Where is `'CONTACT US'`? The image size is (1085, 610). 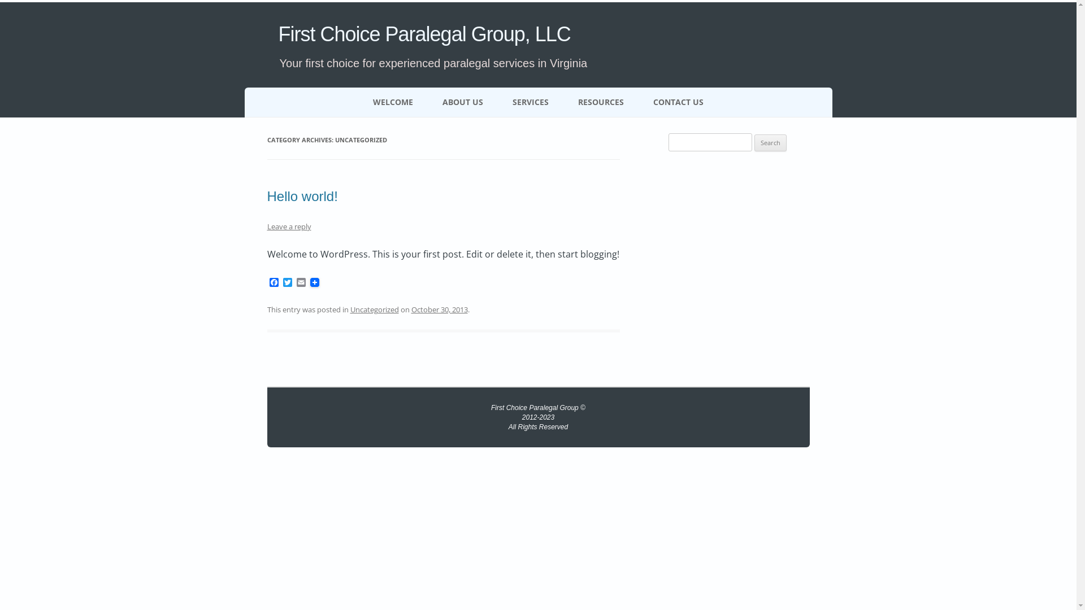 'CONTACT US' is located at coordinates (678, 102).